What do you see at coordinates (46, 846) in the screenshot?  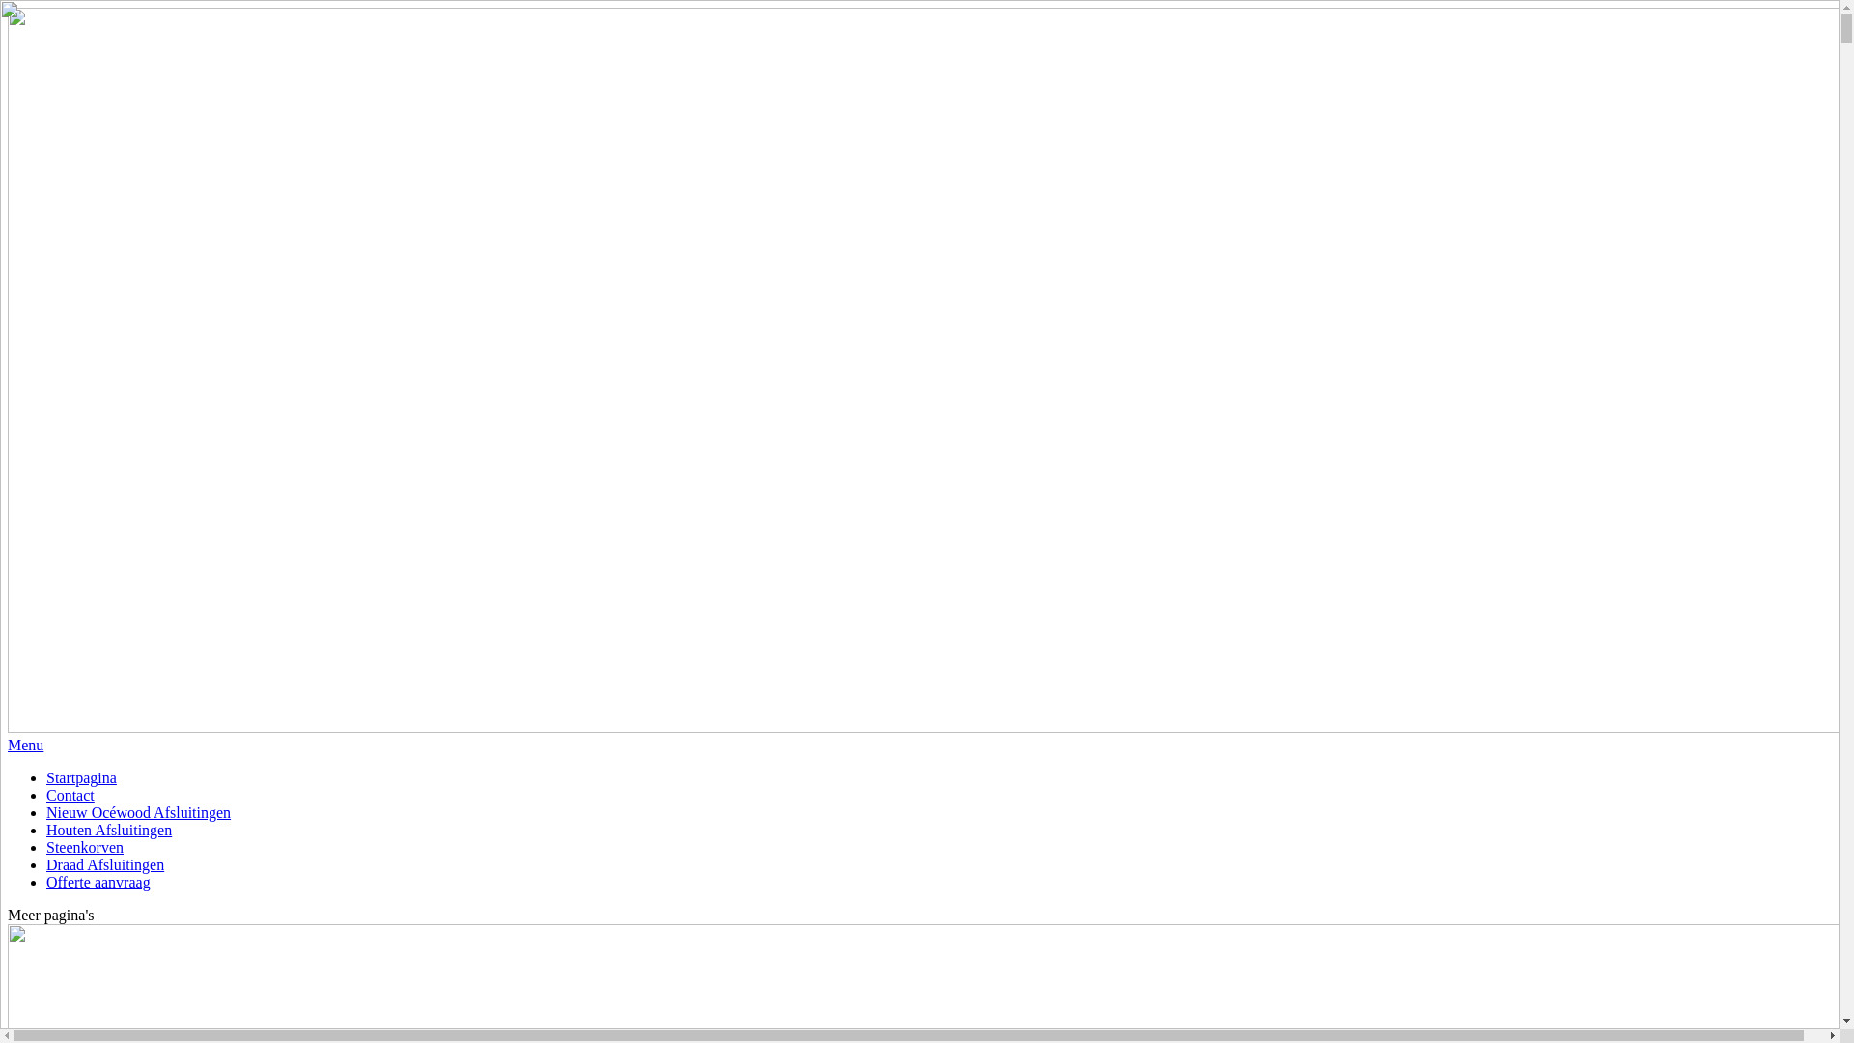 I see `'Steenkorven'` at bounding box center [46, 846].